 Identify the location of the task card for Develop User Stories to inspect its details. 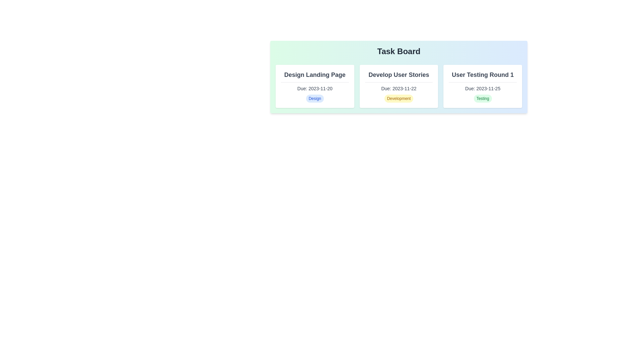
(399, 86).